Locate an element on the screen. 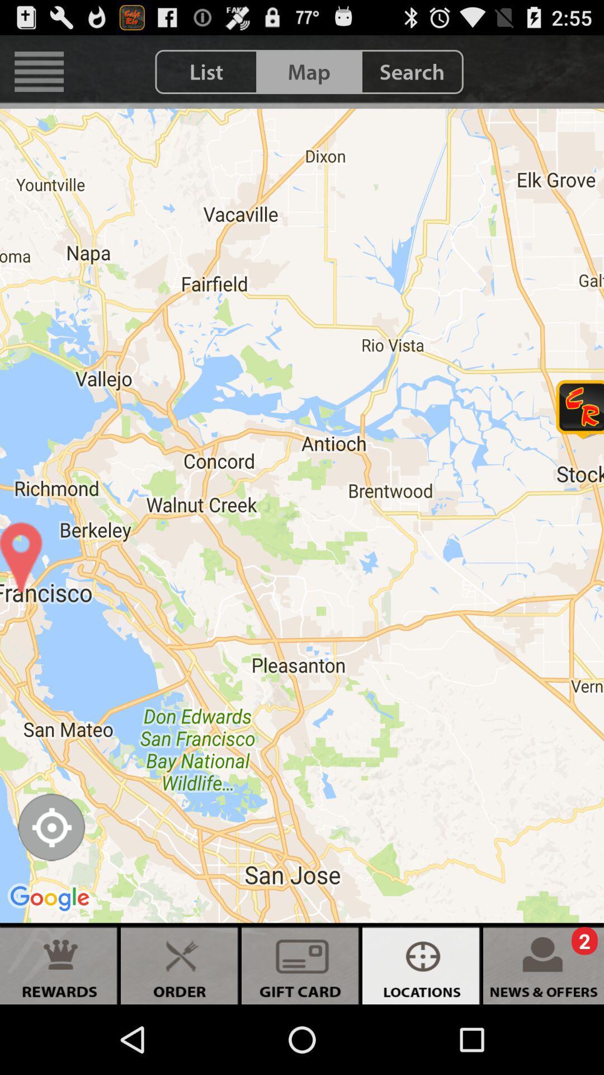 Image resolution: width=604 pixels, height=1075 pixels. location is located at coordinates (51, 827).